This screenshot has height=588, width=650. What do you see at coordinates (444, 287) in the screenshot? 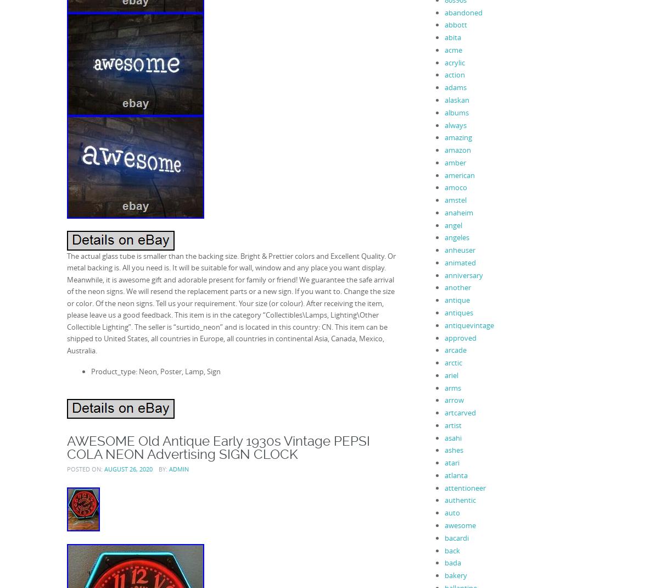
I see `'another'` at bounding box center [444, 287].